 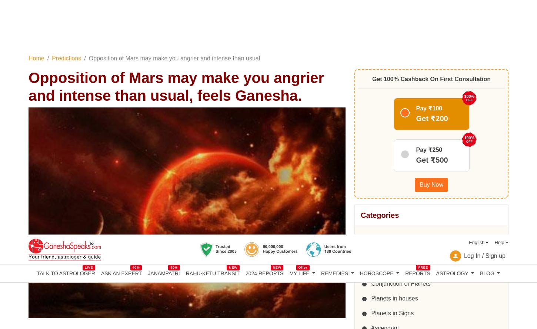 What do you see at coordinates (385, 207) in the screenshot?
I see `'Popular Posts'` at bounding box center [385, 207].